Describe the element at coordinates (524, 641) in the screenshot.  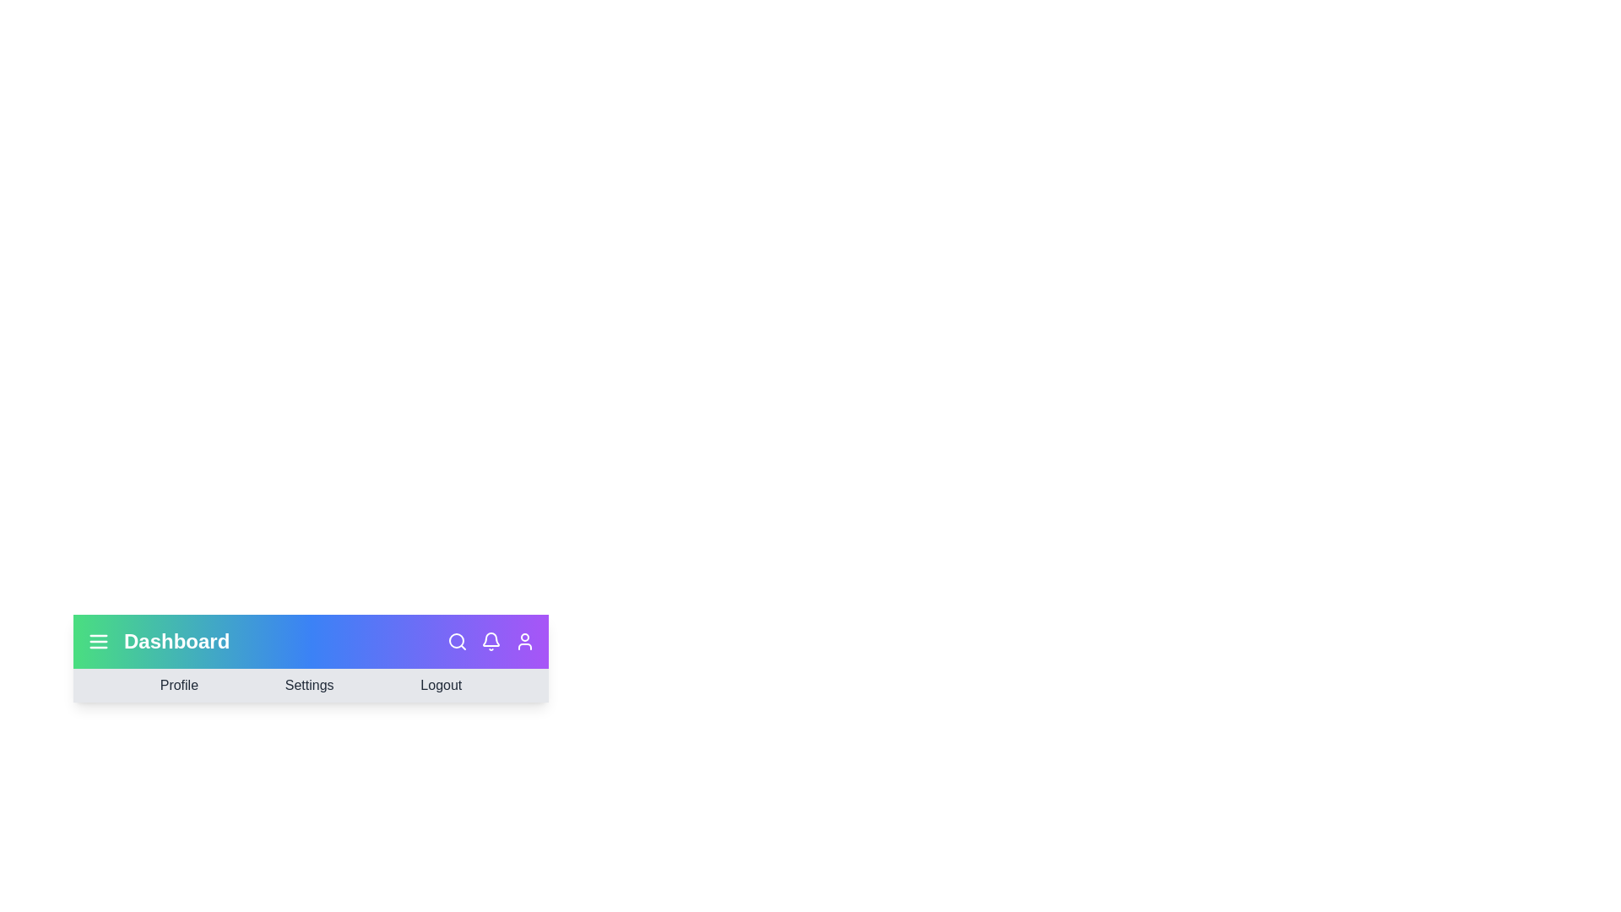
I see `user icon to access user-related actions` at that location.